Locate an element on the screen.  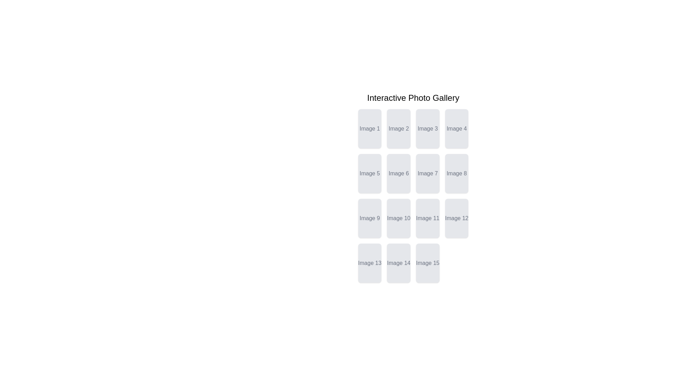
the button that initiates or views comments for the item labeled 'Image 9' in the interactive photo gallery is located at coordinates (369, 231).